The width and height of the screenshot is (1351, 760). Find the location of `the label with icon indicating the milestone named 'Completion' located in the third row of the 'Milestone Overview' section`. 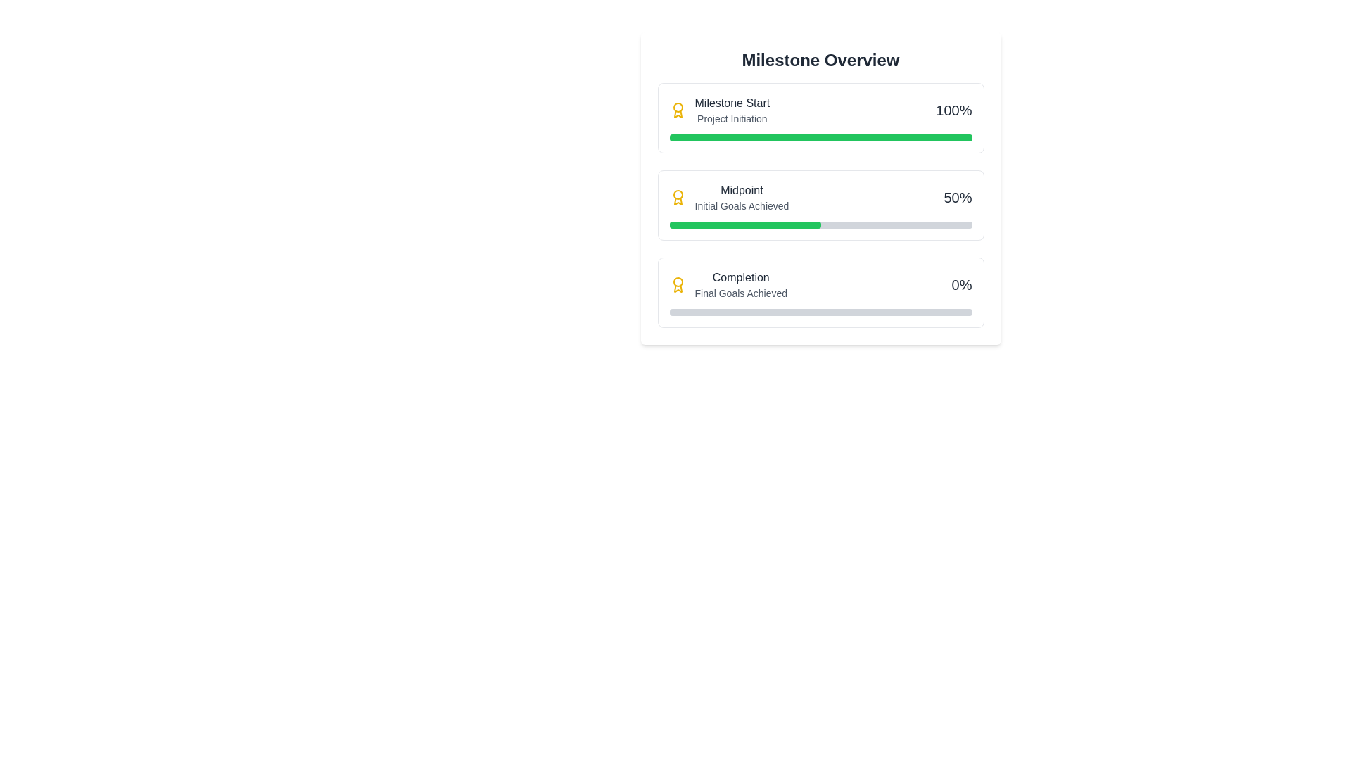

the label with icon indicating the milestone named 'Completion' located in the third row of the 'Milestone Overview' section is located at coordinates (728, 285).